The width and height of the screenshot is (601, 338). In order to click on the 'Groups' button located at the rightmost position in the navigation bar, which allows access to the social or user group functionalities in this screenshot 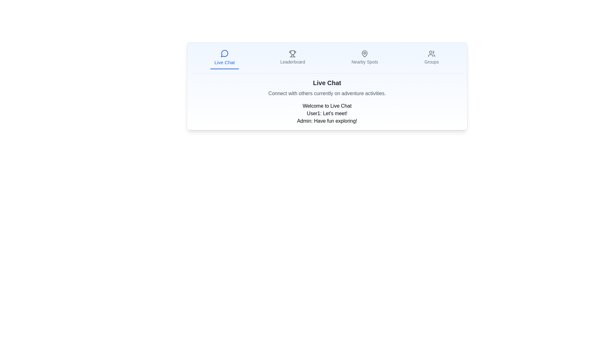, I will do `click(431, 58)`.